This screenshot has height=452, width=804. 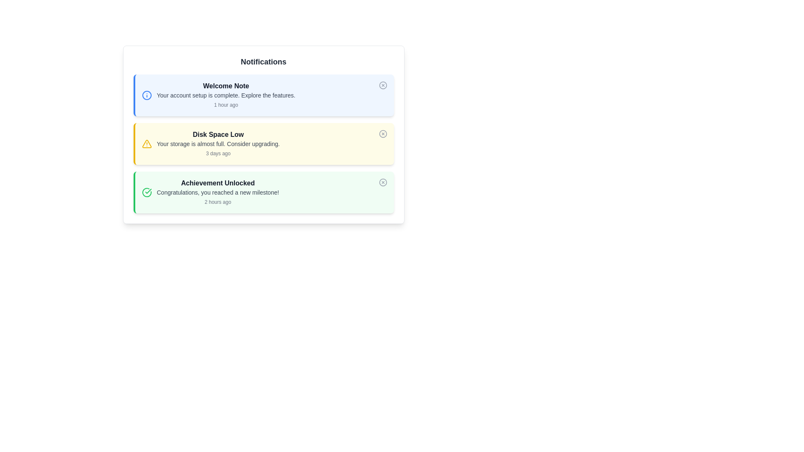 What do you see at coordinates (210, 192) in the screenshot?
I see `the notification message block titled 'Achievement Unlocked' which is styled with a bold font and located in the third notification card with a light green background` at bounding box center [210, 192].